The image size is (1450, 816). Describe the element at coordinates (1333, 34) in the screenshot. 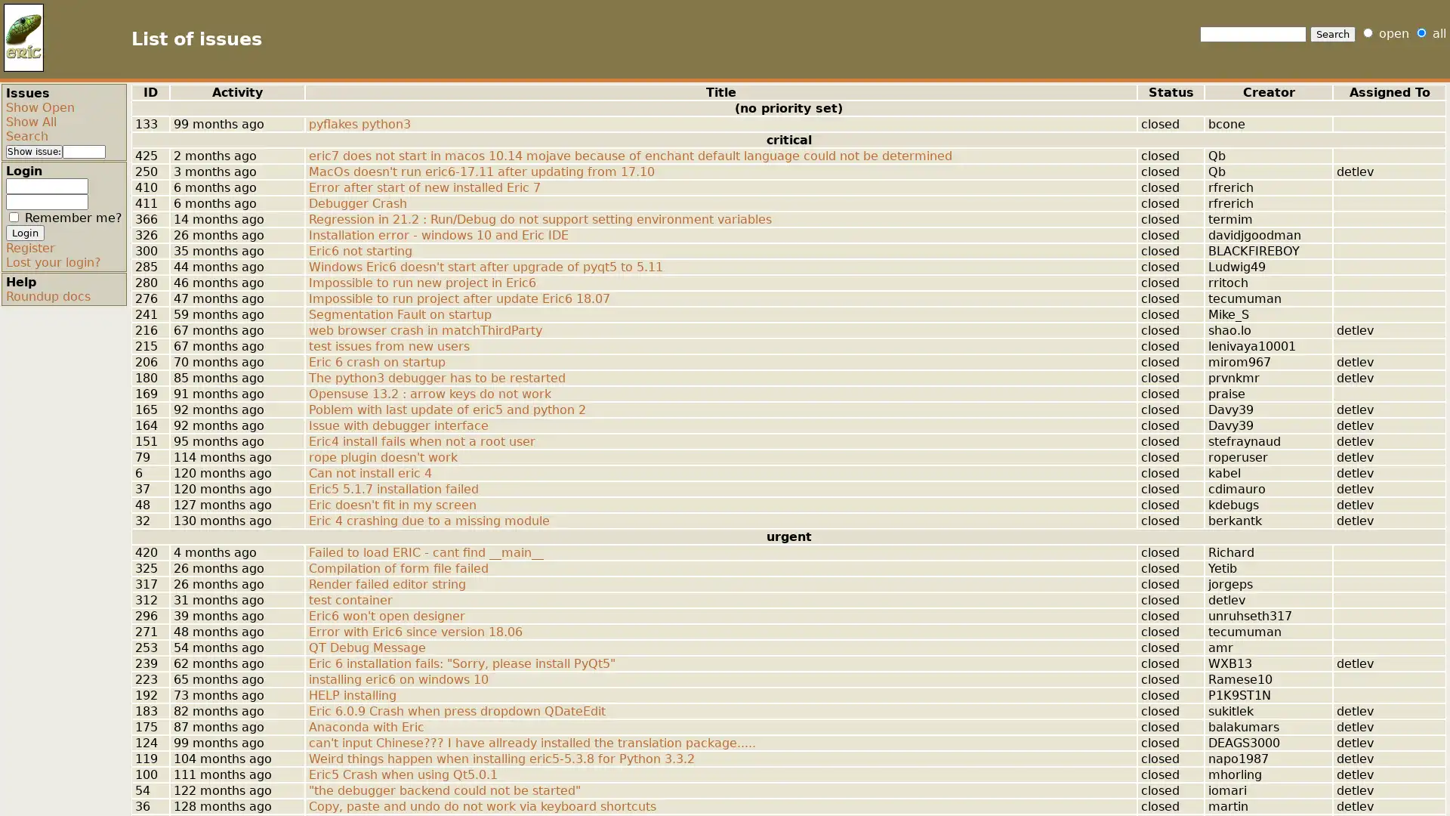

I see `Search` at that location.